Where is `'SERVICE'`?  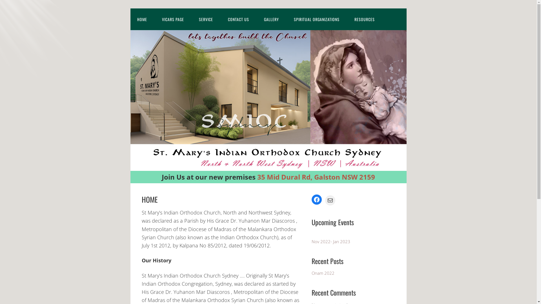 'SERVICE' is located at coordinates (205, 19).